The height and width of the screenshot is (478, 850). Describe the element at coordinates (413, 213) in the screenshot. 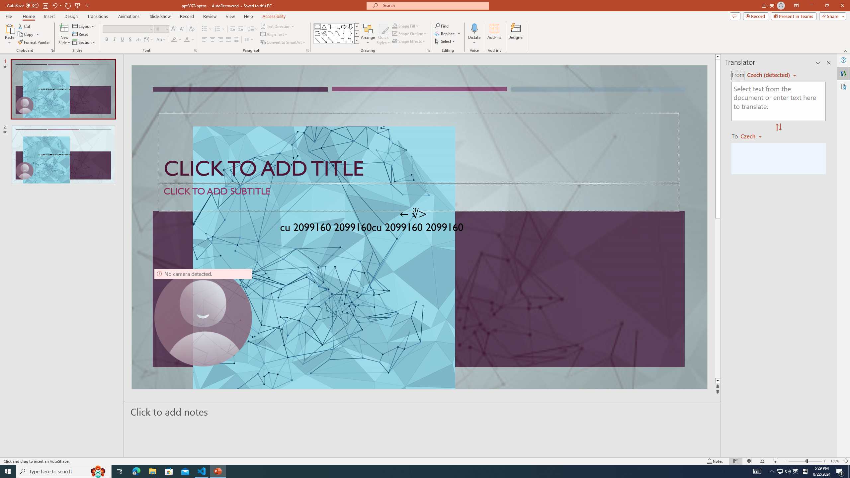

I see `'TextBox 7'` at that location.